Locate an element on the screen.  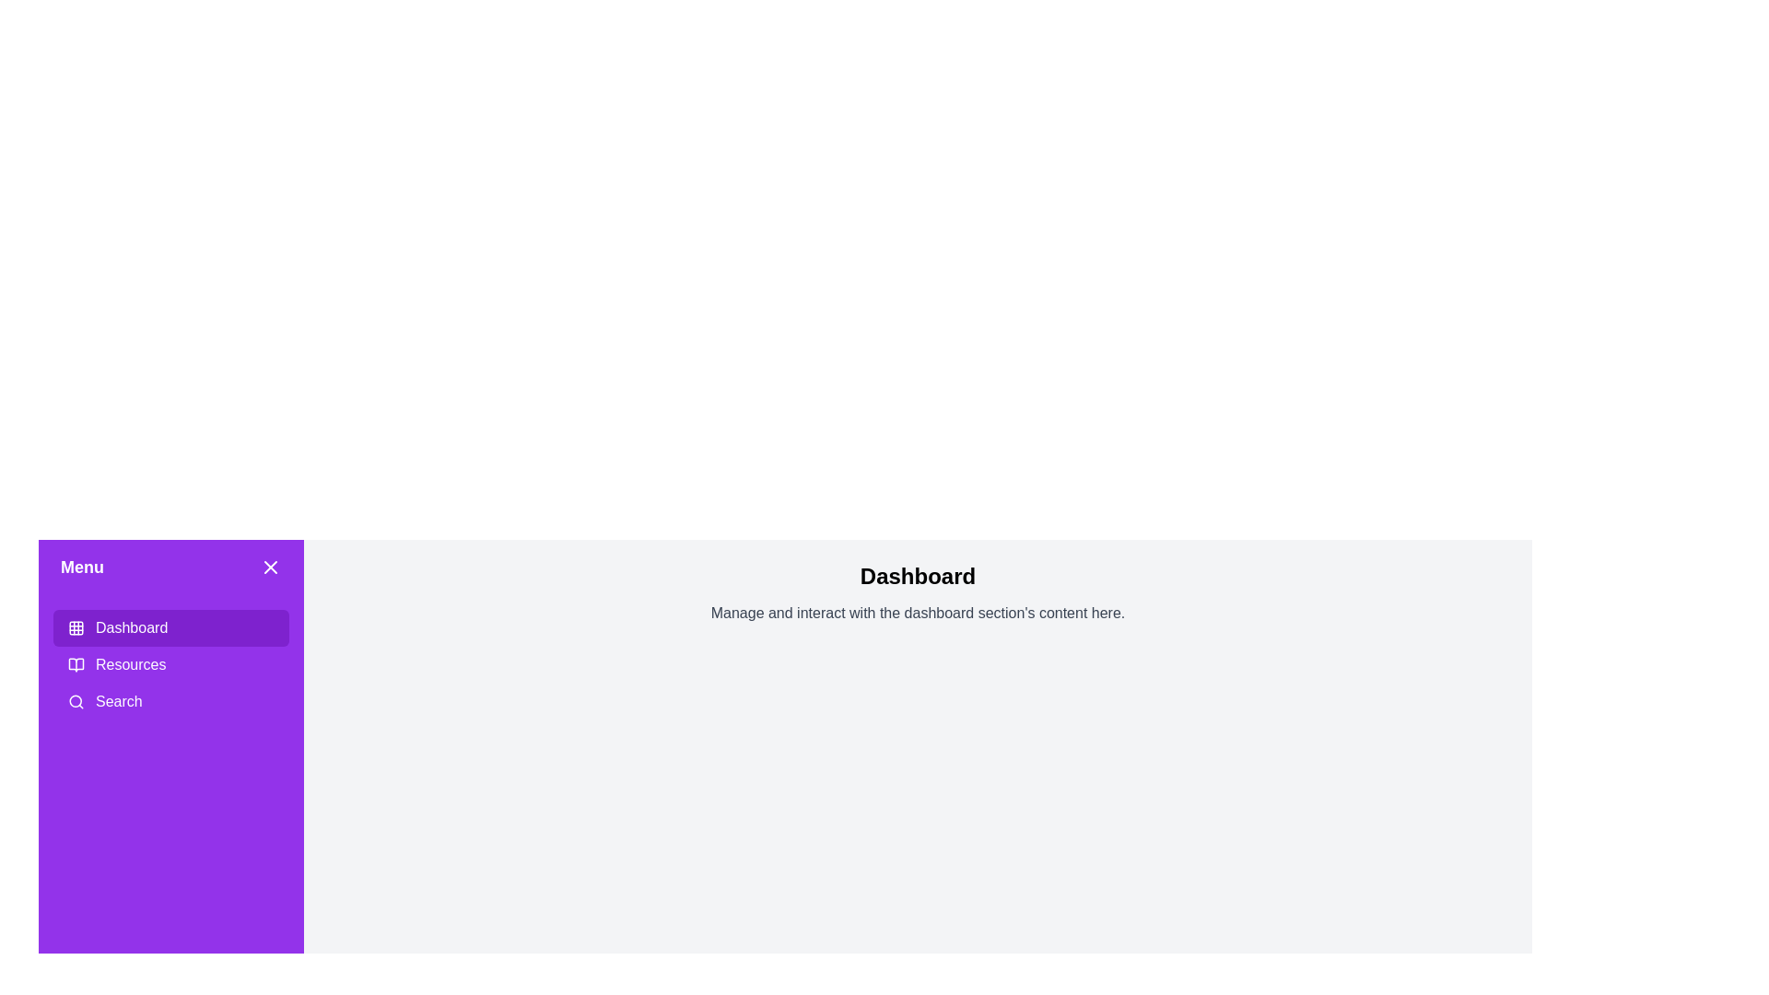
the purple grid icon representing the 'Dashboard' functionality is located at coordinates (75, 627).